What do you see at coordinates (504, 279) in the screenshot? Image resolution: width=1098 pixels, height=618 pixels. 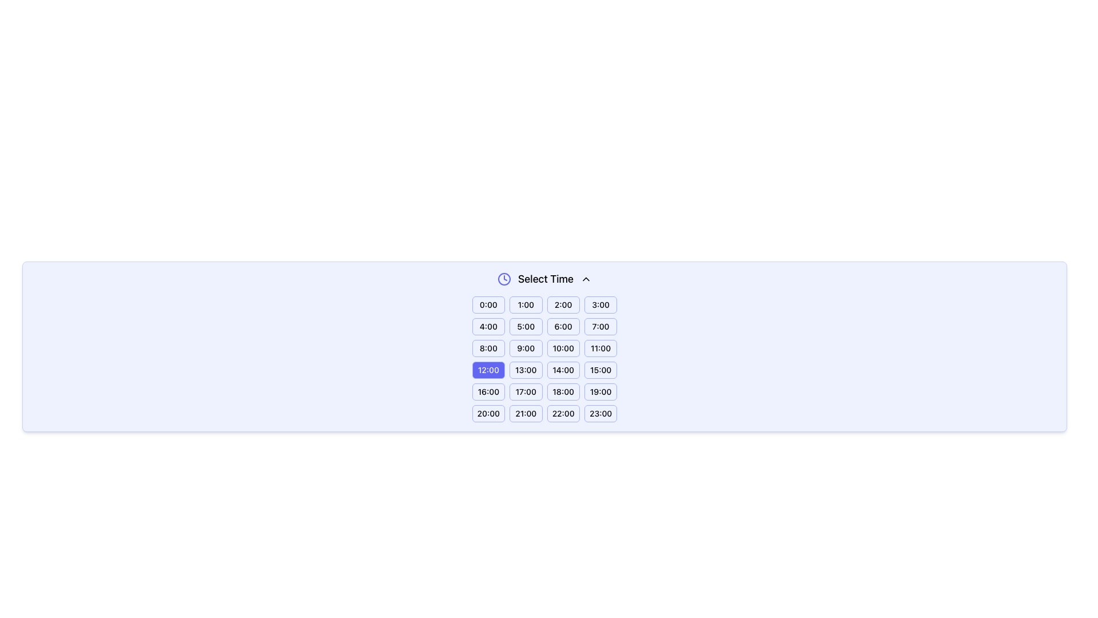 I see `the icon that visually represents the 'Select Time' functionality, located immediately to the left of the text 'Select Time'` at bounding box center [504, 279].